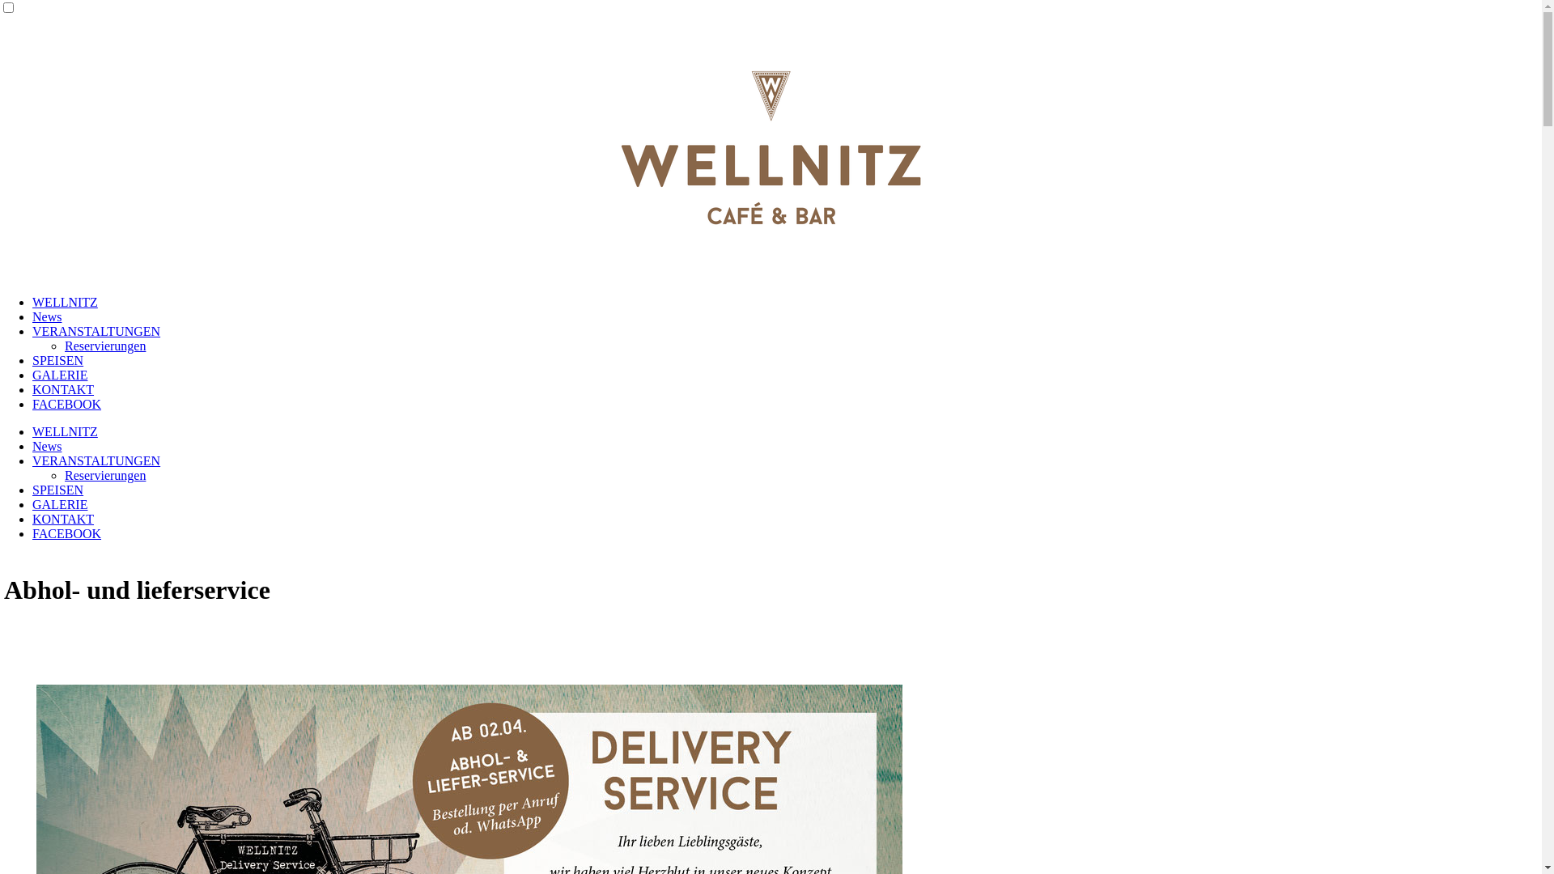 The width and height of the screenshot is (1554, 874). What do you see at coordinates (66, 403) in the screenshot?
I see `'FACEBOOK'` at bounding box center [66, 403].